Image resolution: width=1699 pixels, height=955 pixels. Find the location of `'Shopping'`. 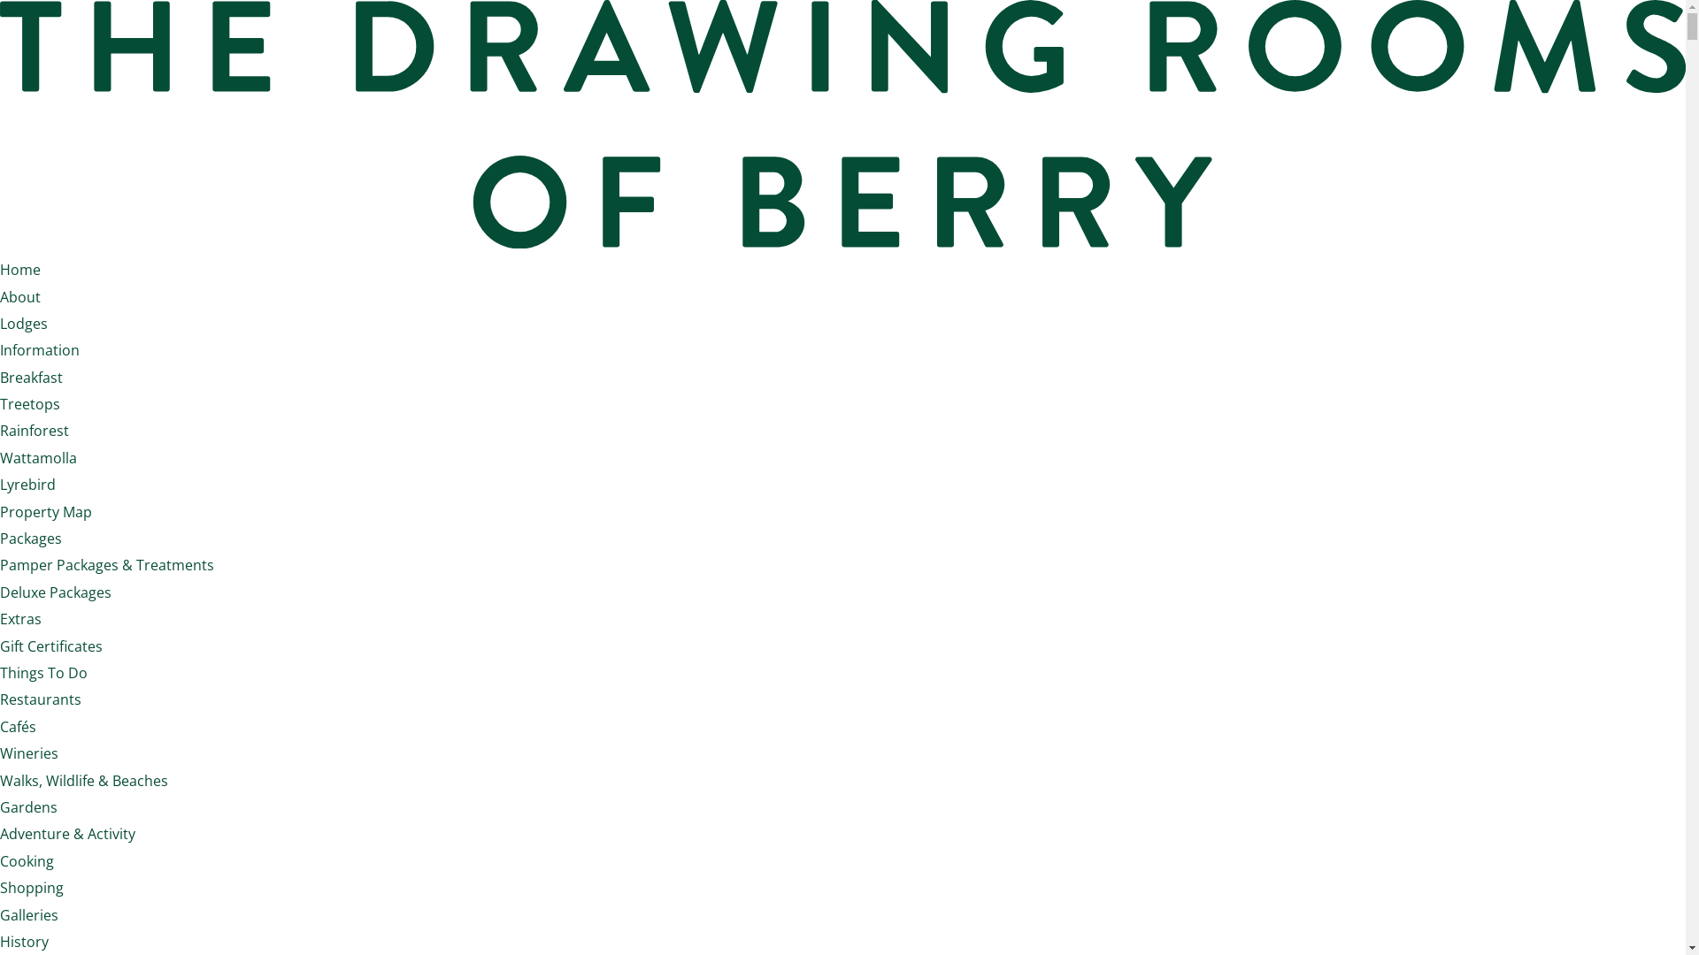

'Shopping' is located at coordinates (31, 887).